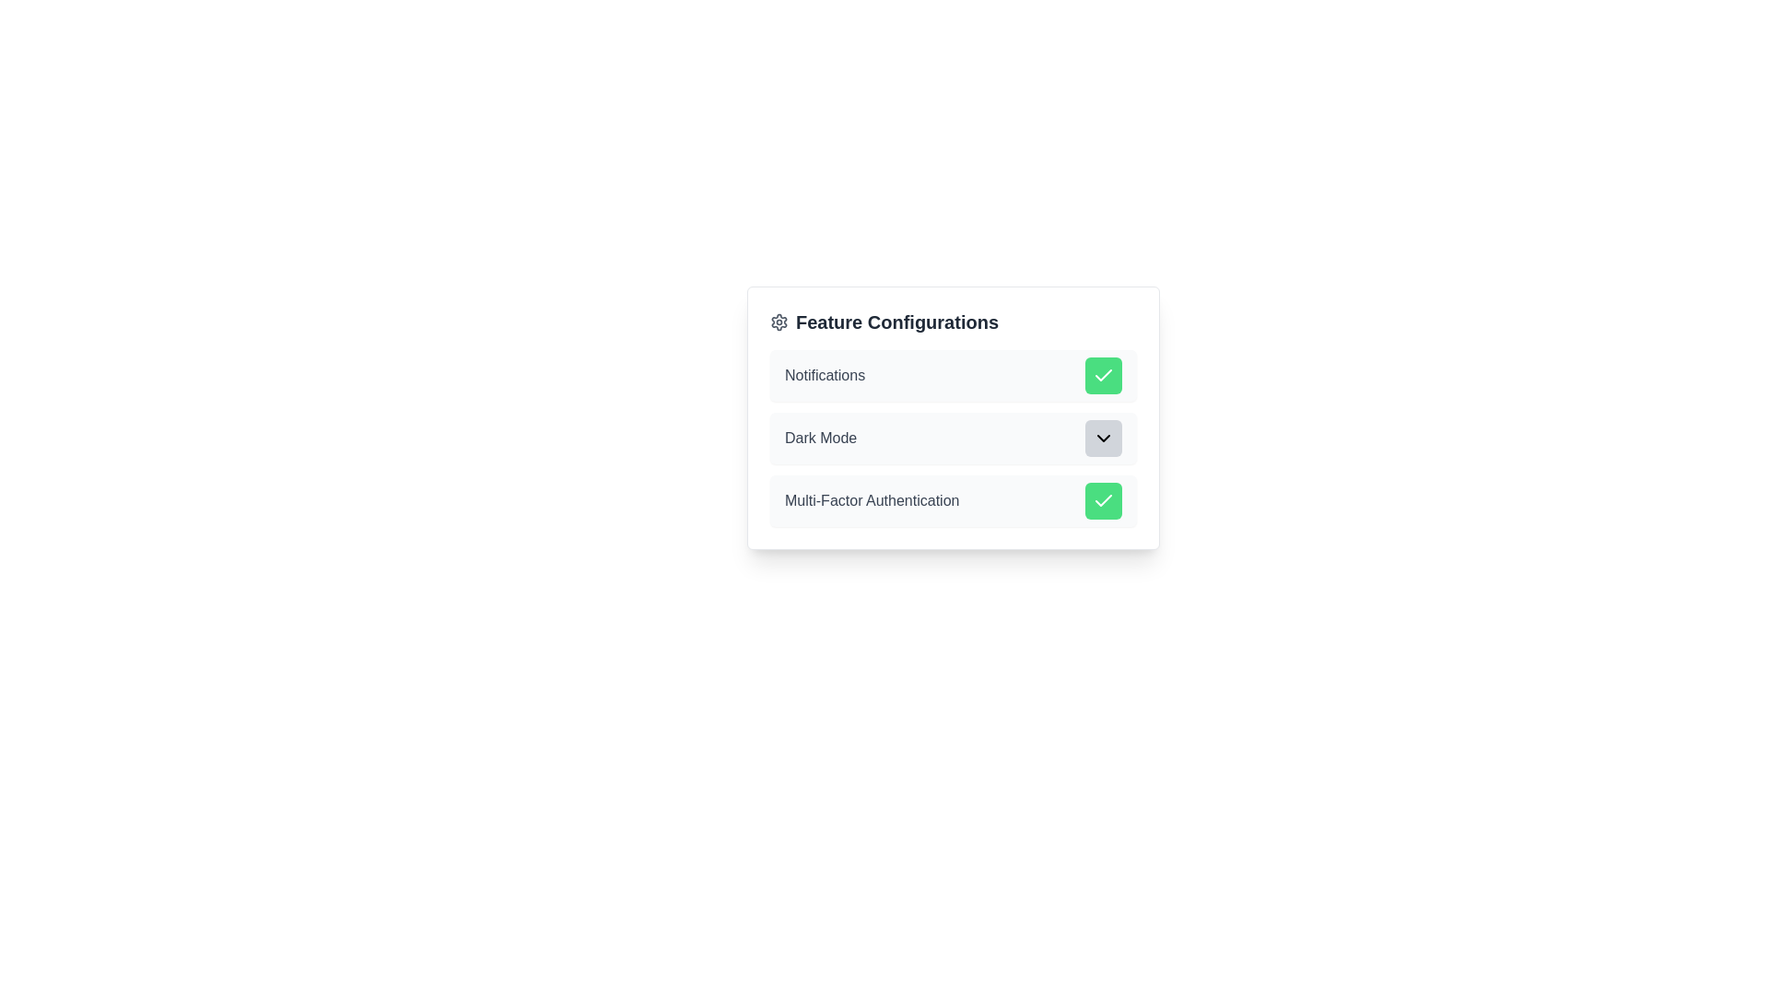  I want to click on the dropdown toggle of the 'Dark Mode' setting, which is the second item in the settings options list, so click(954, 438).